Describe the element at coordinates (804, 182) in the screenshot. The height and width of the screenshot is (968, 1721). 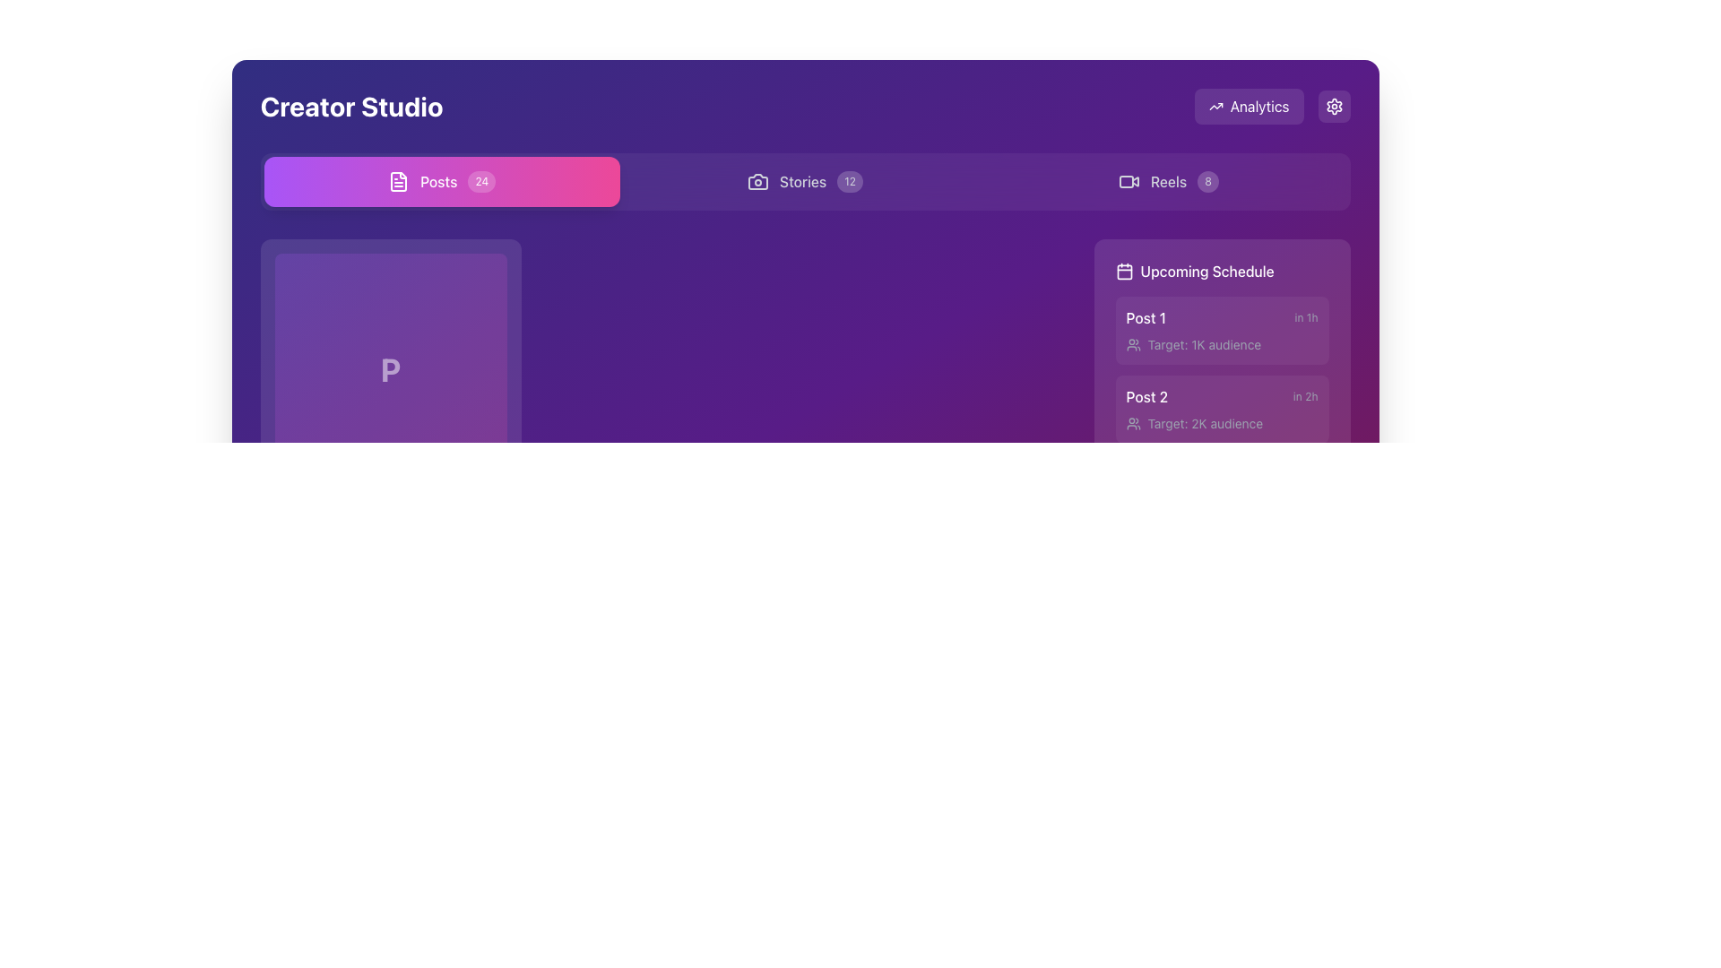
I see `the 'Stories' button, which features a camera icon, the text 'Stories', and a circular badge with the number '12', located centrally in the horizontal row between the 'Posts' and 'Reels' buttons` at that location.